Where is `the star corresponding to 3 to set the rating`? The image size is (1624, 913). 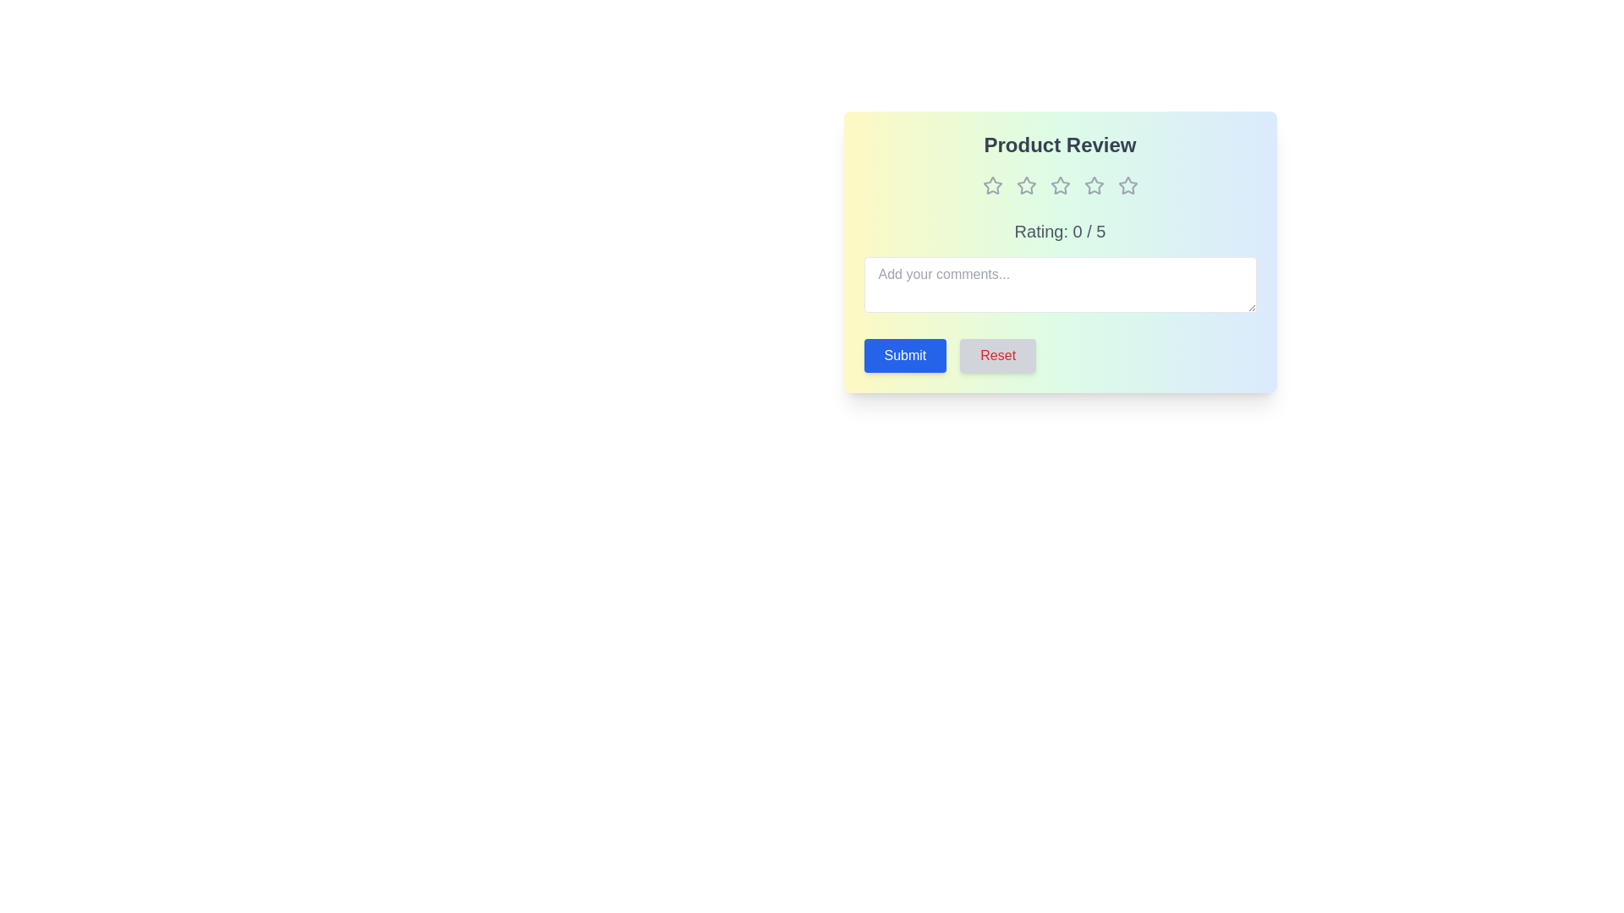
the star corresponding to 3 to set the rating is located at coordinates (1059, 185).